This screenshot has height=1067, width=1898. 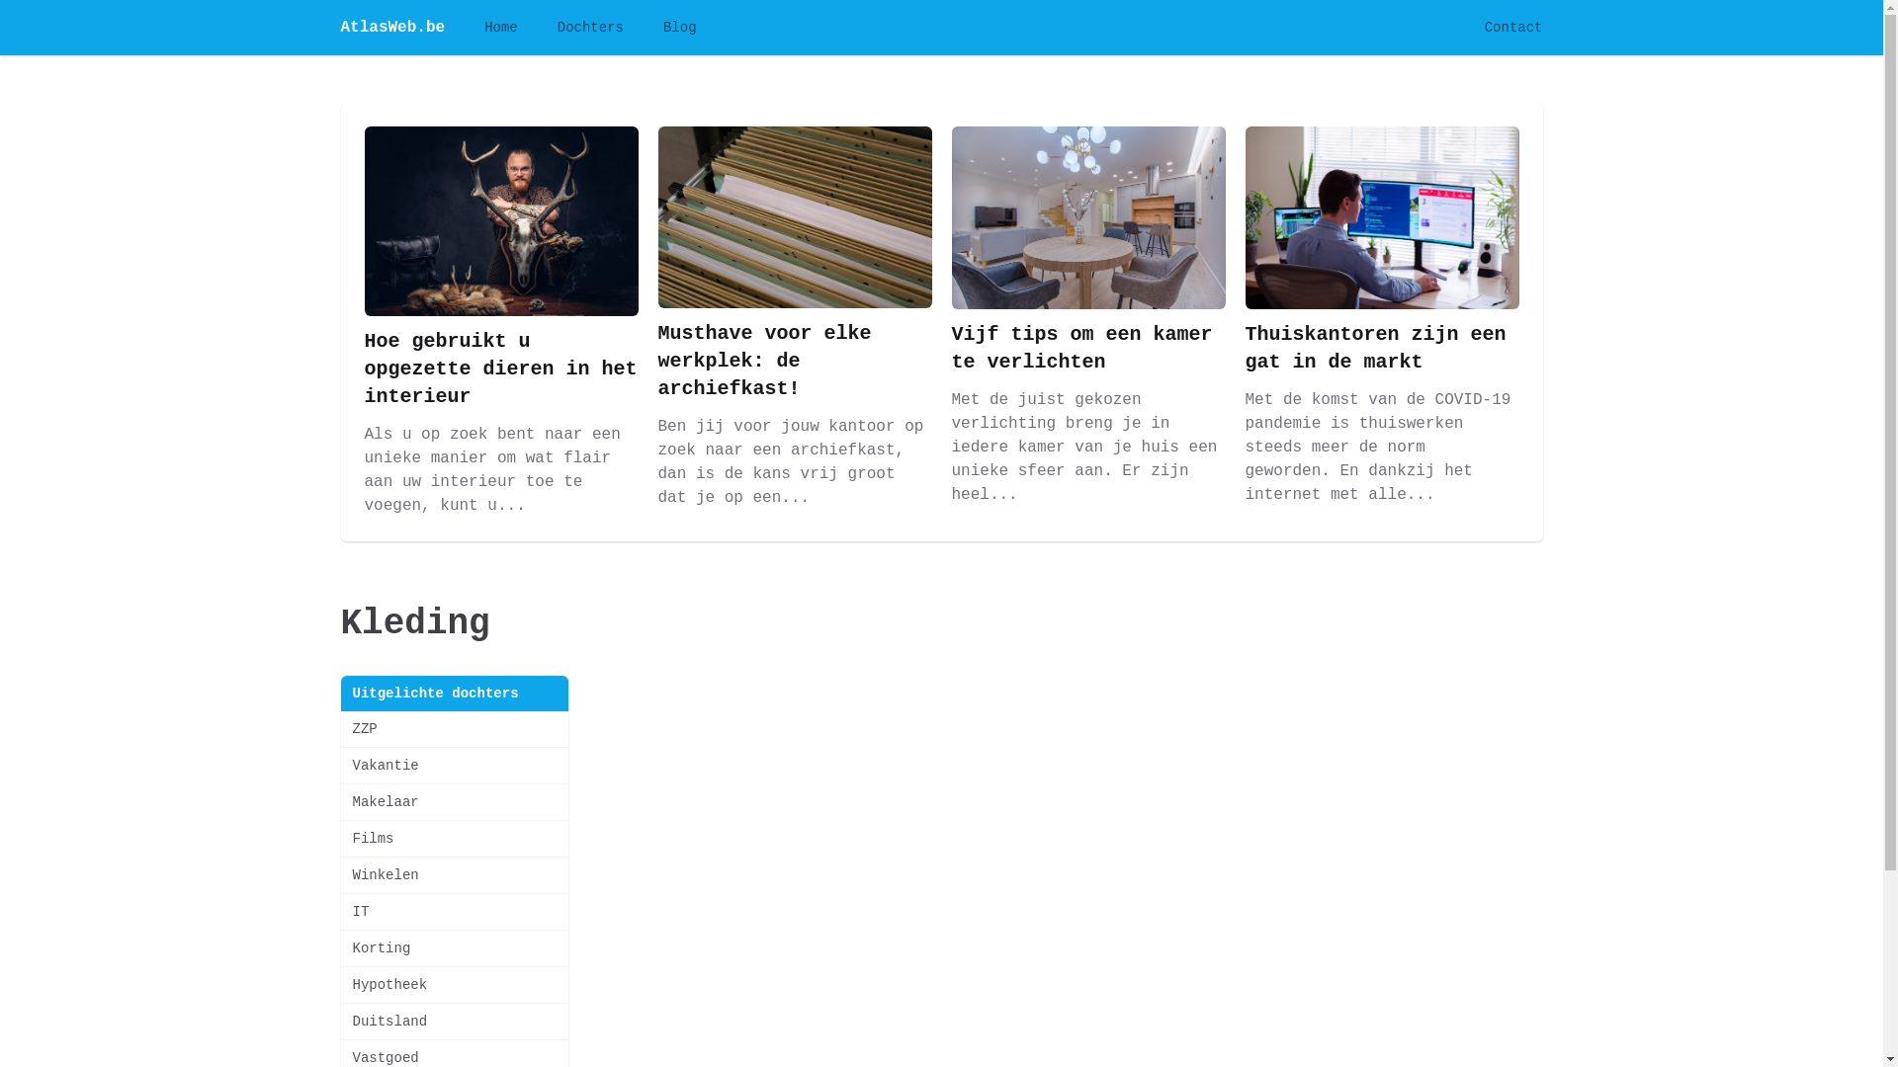 What do you see at coordinates (453, 984) in the screenshot?
I see `'Hypotheek'` at bounding box center [453, 984].